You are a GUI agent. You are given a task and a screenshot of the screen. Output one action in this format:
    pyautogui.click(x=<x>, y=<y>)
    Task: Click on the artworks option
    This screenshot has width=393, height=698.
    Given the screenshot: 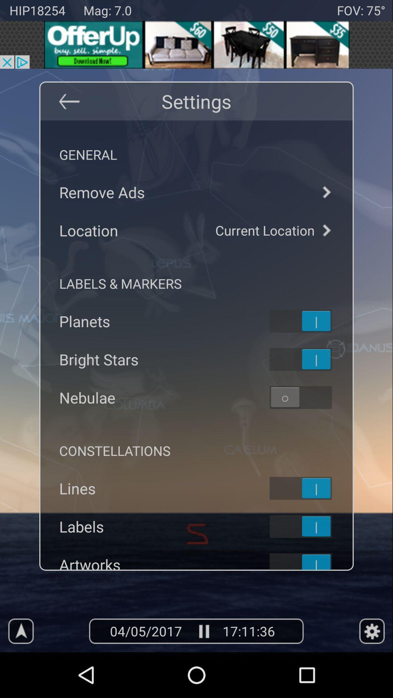 What is the action you would take?
    pyautogui.click(x=310, y=560)
    